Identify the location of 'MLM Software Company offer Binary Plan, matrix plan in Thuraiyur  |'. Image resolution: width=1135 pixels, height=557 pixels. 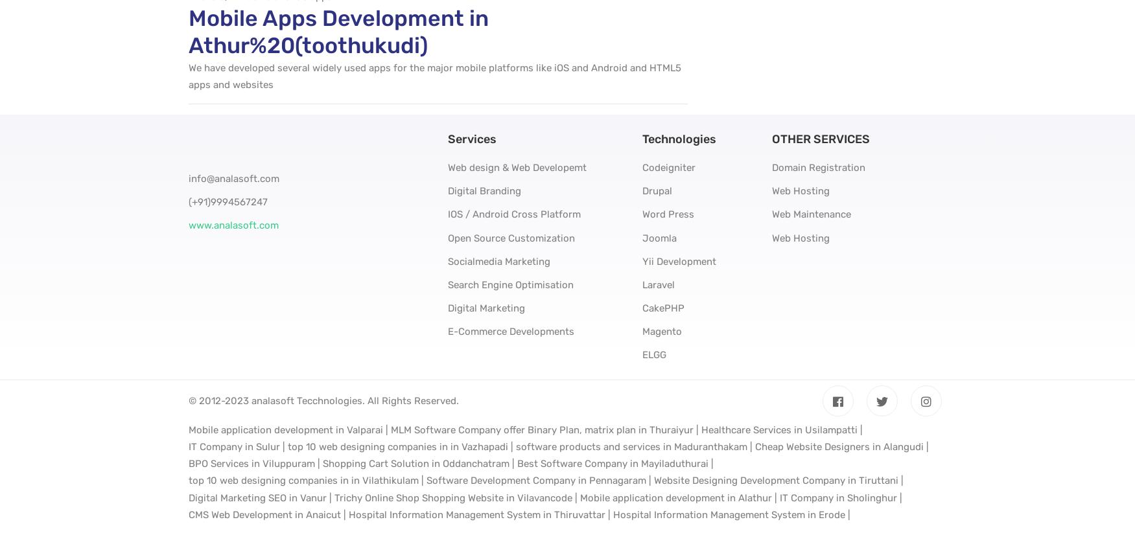
(544, 430).